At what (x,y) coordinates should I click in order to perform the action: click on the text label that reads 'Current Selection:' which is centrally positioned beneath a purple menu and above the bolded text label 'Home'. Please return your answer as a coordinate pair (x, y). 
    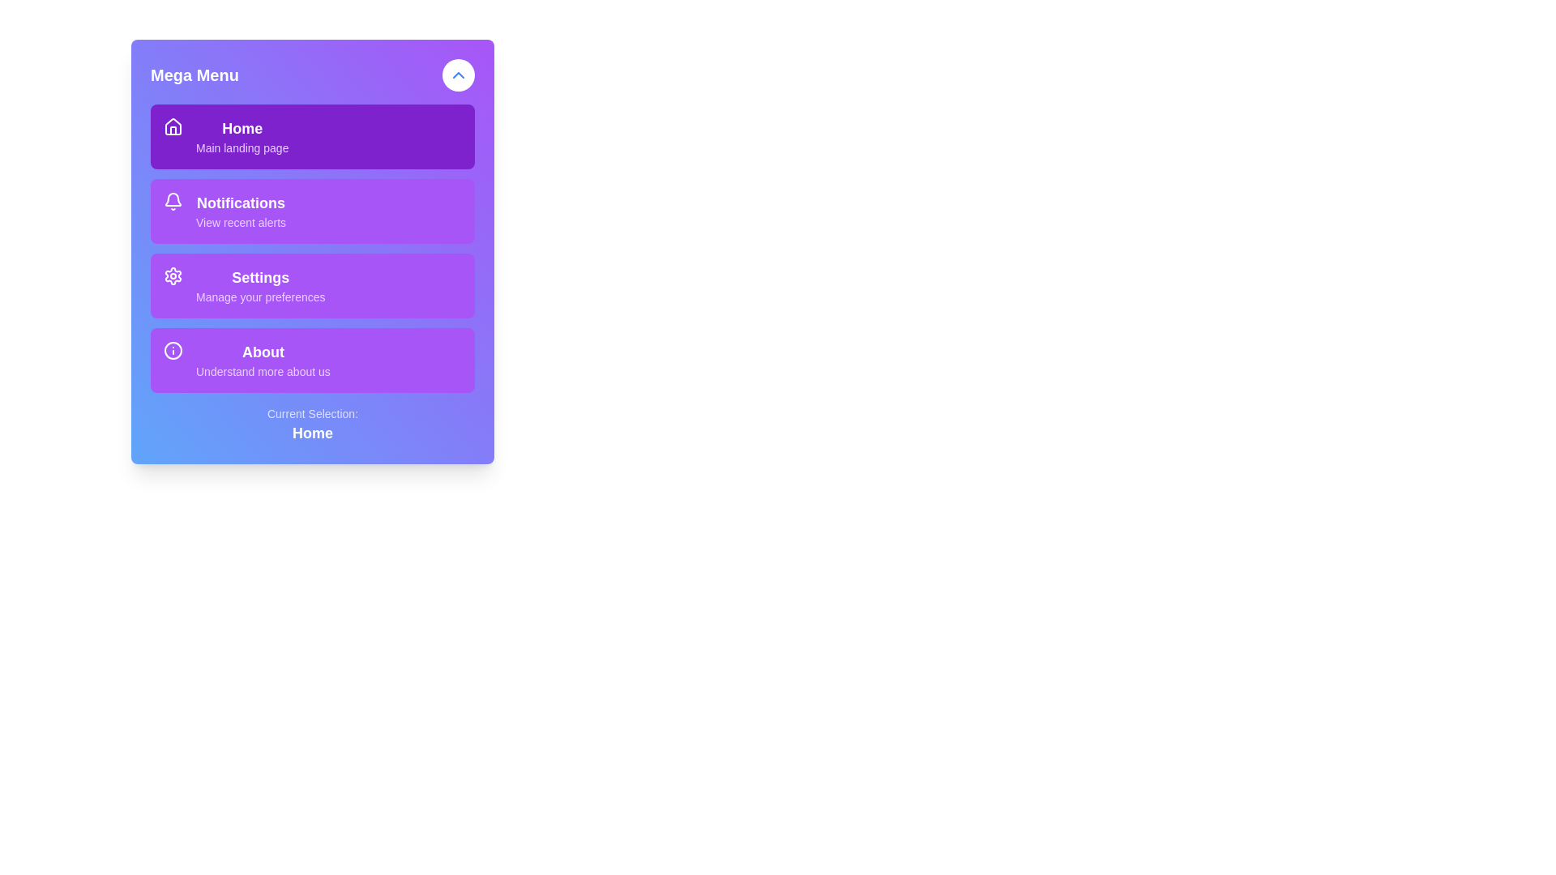
    Looking at the image, I should click on (312, 412).